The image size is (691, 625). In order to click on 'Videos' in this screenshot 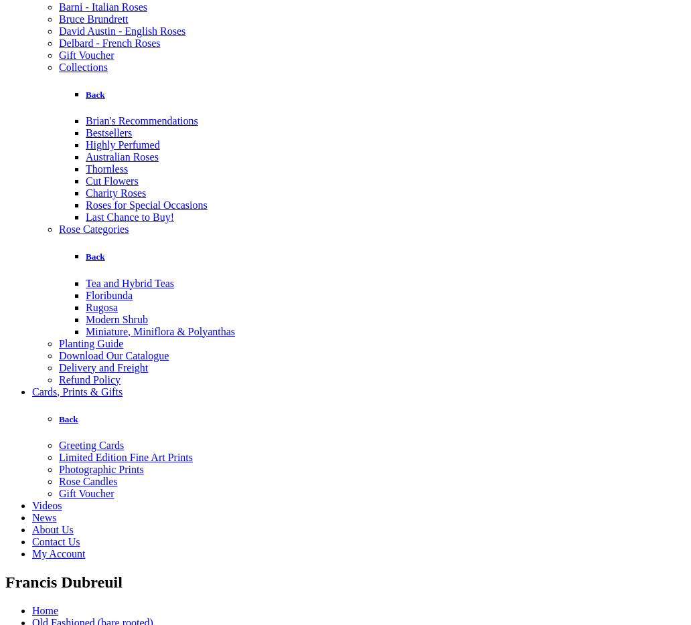, I will do `click(46, 504)`.